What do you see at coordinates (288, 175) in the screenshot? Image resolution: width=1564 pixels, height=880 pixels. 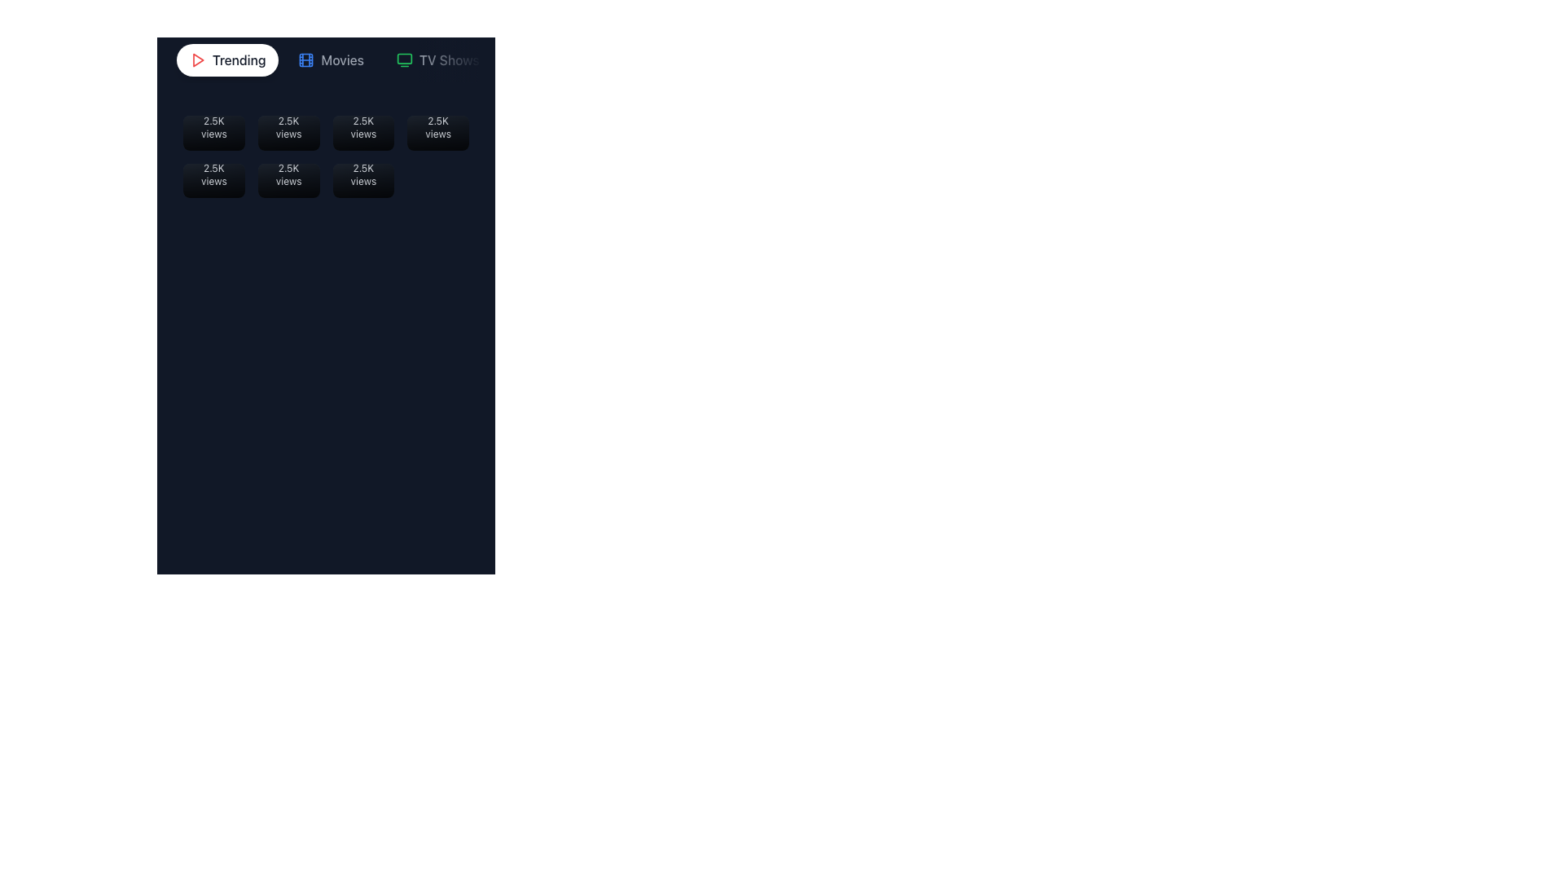 I see `the static text label that displays the number of views associated with the related content item, located below 'Content Title 6' in the third row and second column of the grid structure` at bounding box center [288, 175].